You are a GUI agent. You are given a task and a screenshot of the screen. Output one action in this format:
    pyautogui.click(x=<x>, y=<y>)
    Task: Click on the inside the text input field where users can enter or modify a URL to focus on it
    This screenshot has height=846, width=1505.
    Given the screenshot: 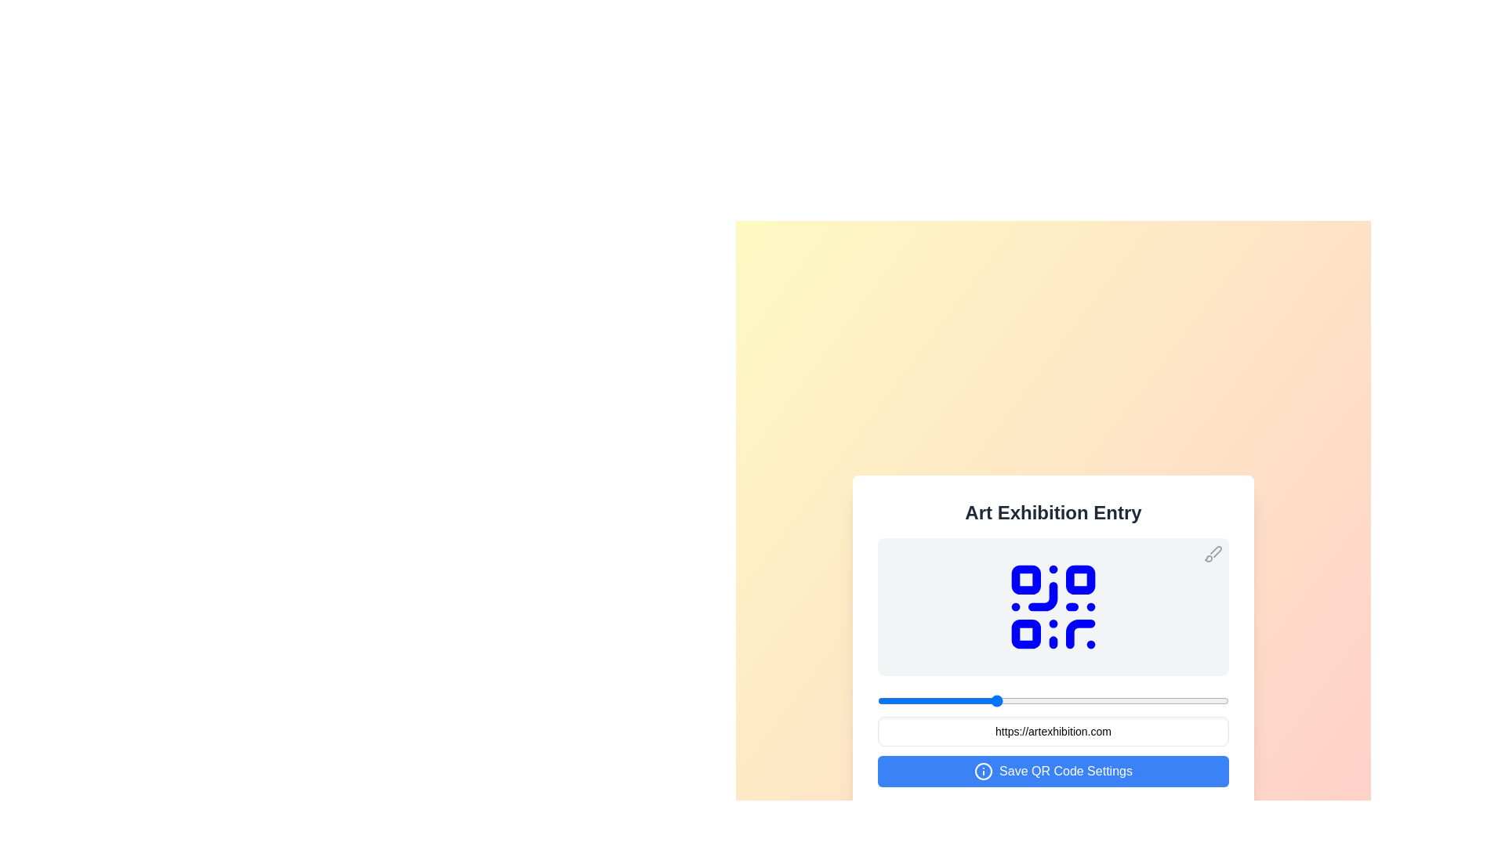 What is the action you would take?
    pyautogui.click(x=1053, y=731)
    